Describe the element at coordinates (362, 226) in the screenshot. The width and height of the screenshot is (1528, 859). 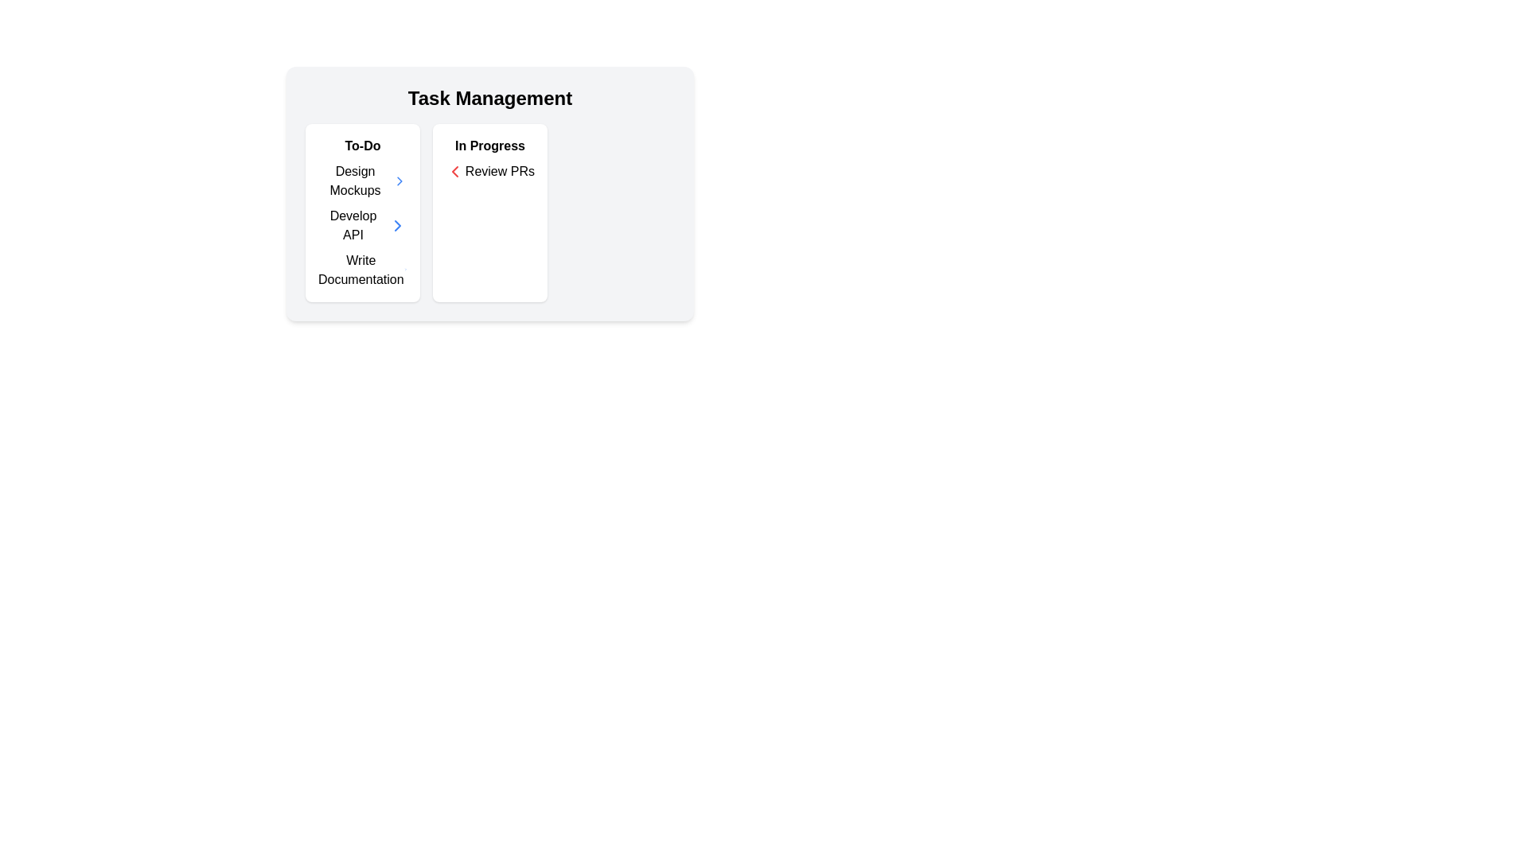
I see `the 'Develop API' list item with a navigational indicator` at that location.